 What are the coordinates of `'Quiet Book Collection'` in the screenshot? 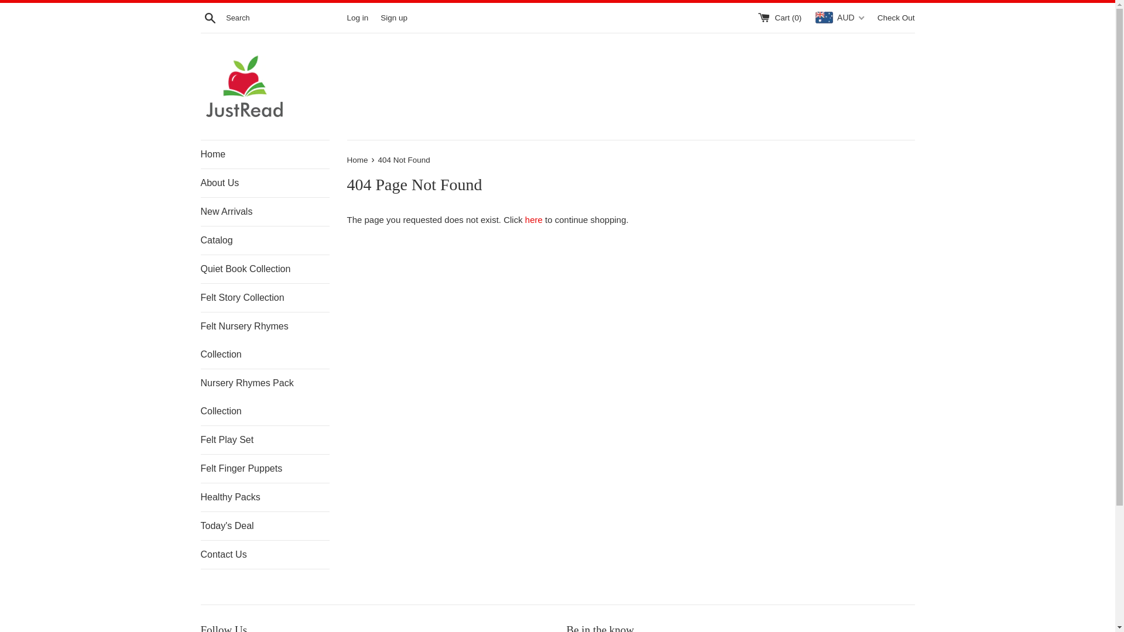 It's located at (263, 269).